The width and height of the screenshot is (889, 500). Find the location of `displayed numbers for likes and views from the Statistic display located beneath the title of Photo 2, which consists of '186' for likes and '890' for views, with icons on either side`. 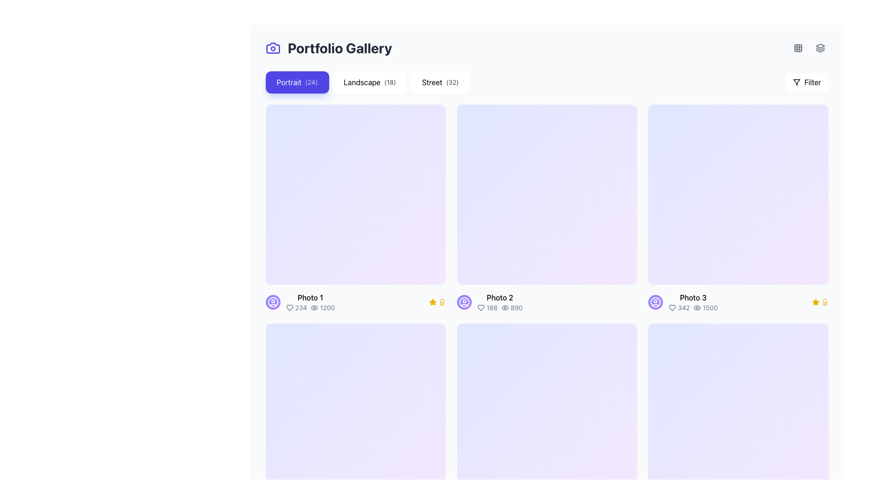

displayed numbers for likes and views from the Statistic display located beneath the title of Photo 2, which consists of '186' for likes and '890' for views, with icons on either side is located at coordinates (499, 308).